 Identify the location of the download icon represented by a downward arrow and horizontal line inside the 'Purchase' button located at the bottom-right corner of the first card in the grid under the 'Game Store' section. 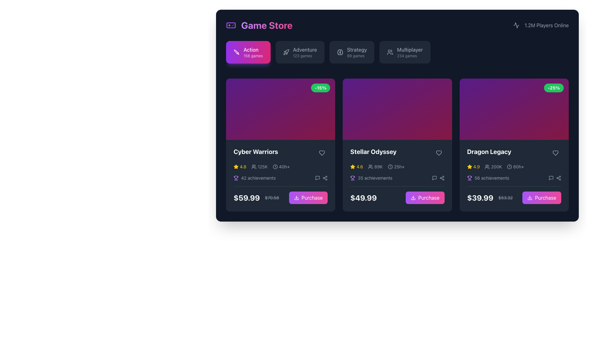
(296, 197).